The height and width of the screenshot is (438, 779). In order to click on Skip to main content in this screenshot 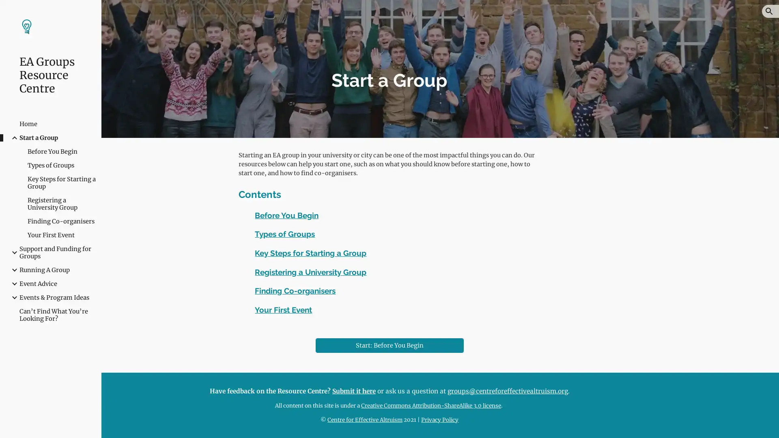, I will do `click(319, 15)`.